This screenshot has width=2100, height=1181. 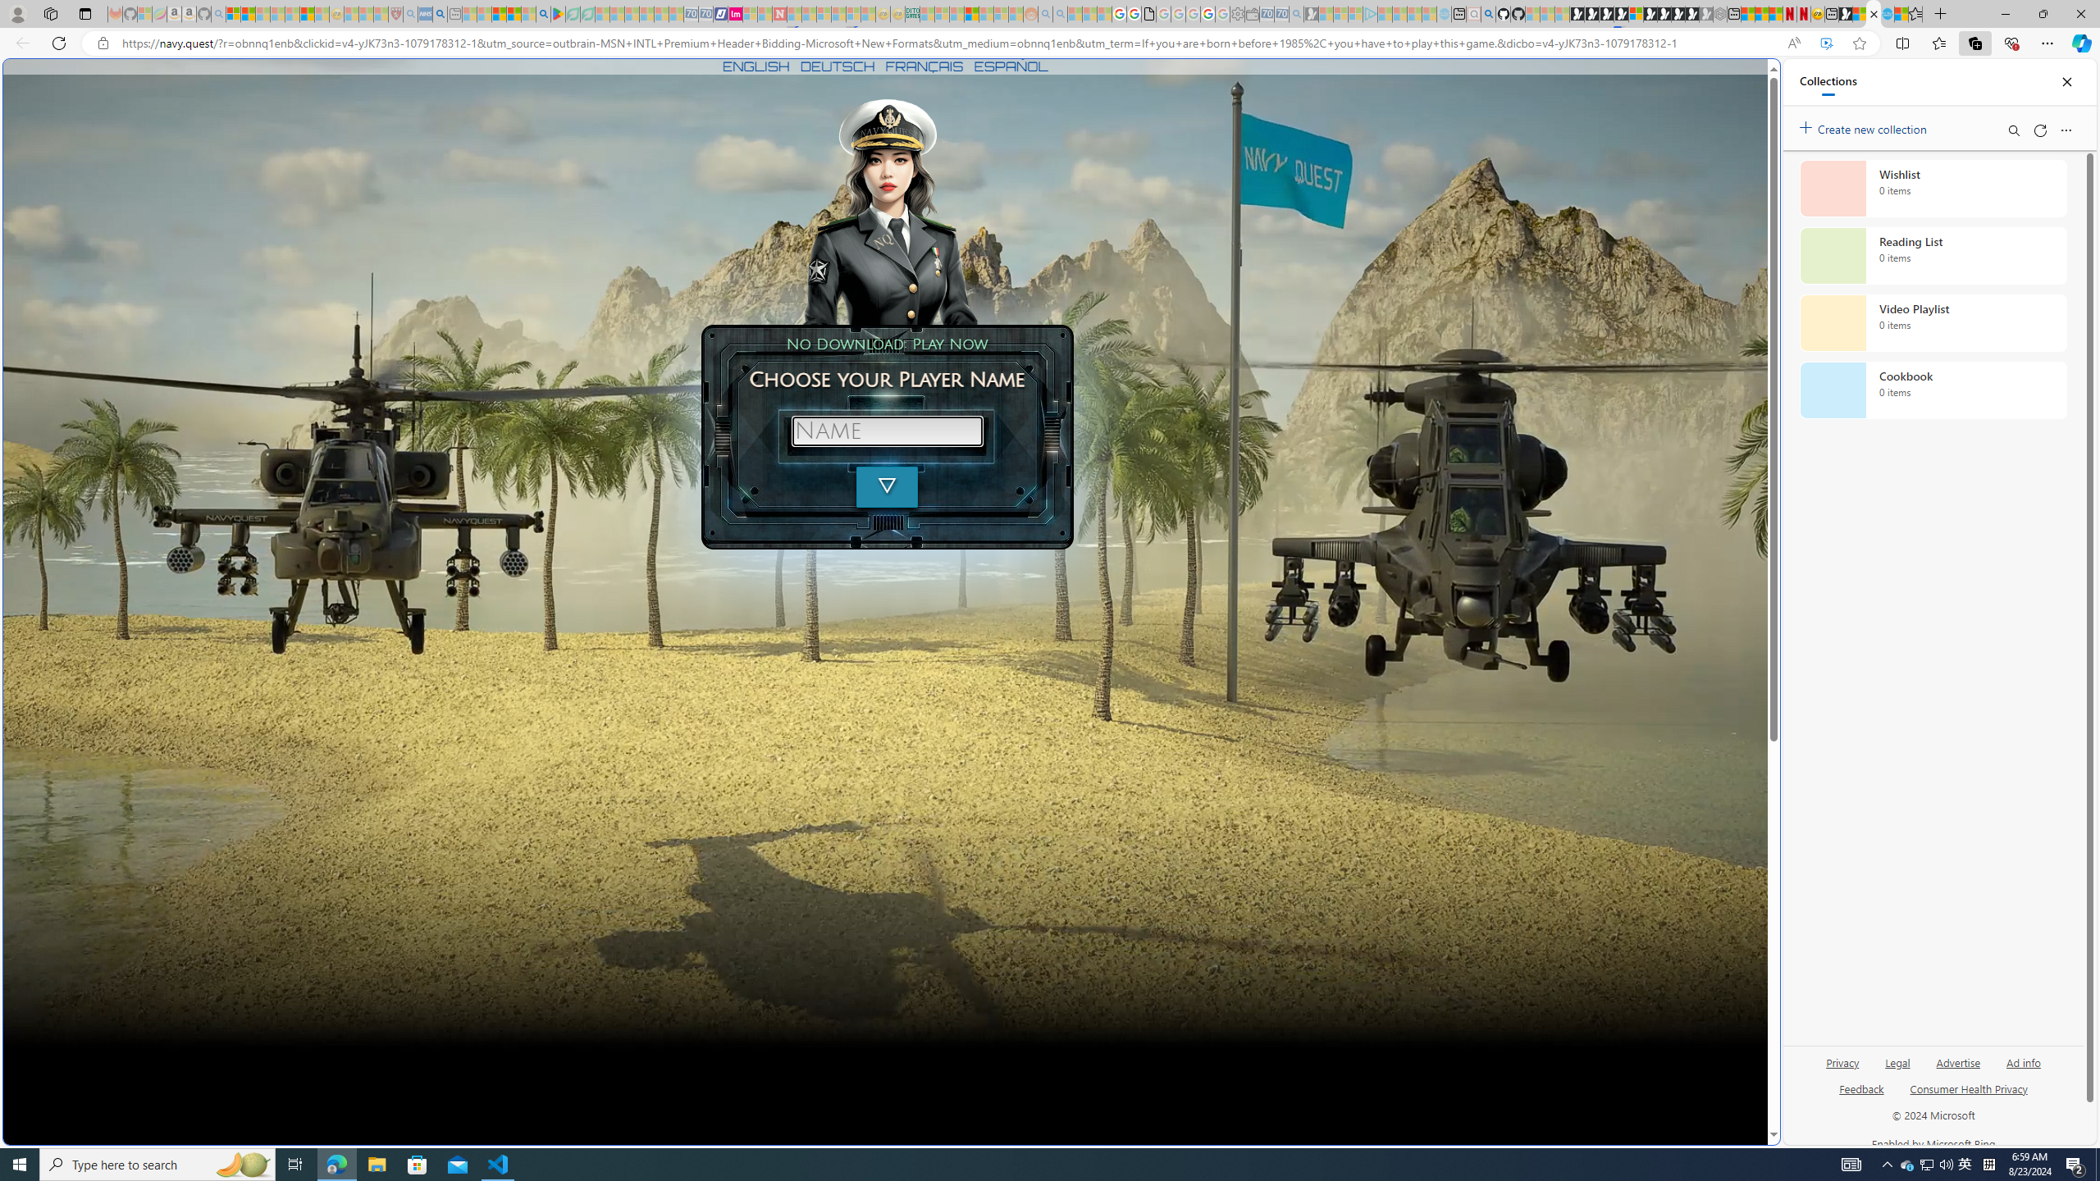 What do you see at coordinates (1865, 125) in the screenshot?
I see `'Create new collection'` at bounding box center [1865, 125].